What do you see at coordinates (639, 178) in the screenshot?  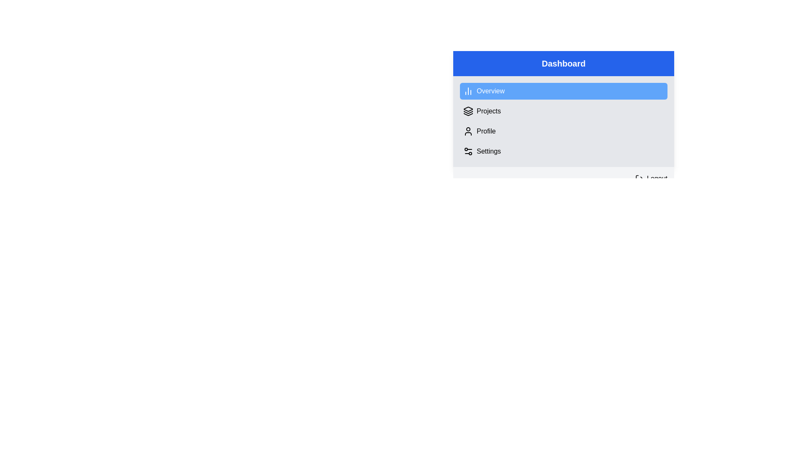 I see `the log-out icon, which is represented by an arrow pointing to the right with a door-like appearance, located at the bottom of the sidebar options` at bounding box center [639, 178].